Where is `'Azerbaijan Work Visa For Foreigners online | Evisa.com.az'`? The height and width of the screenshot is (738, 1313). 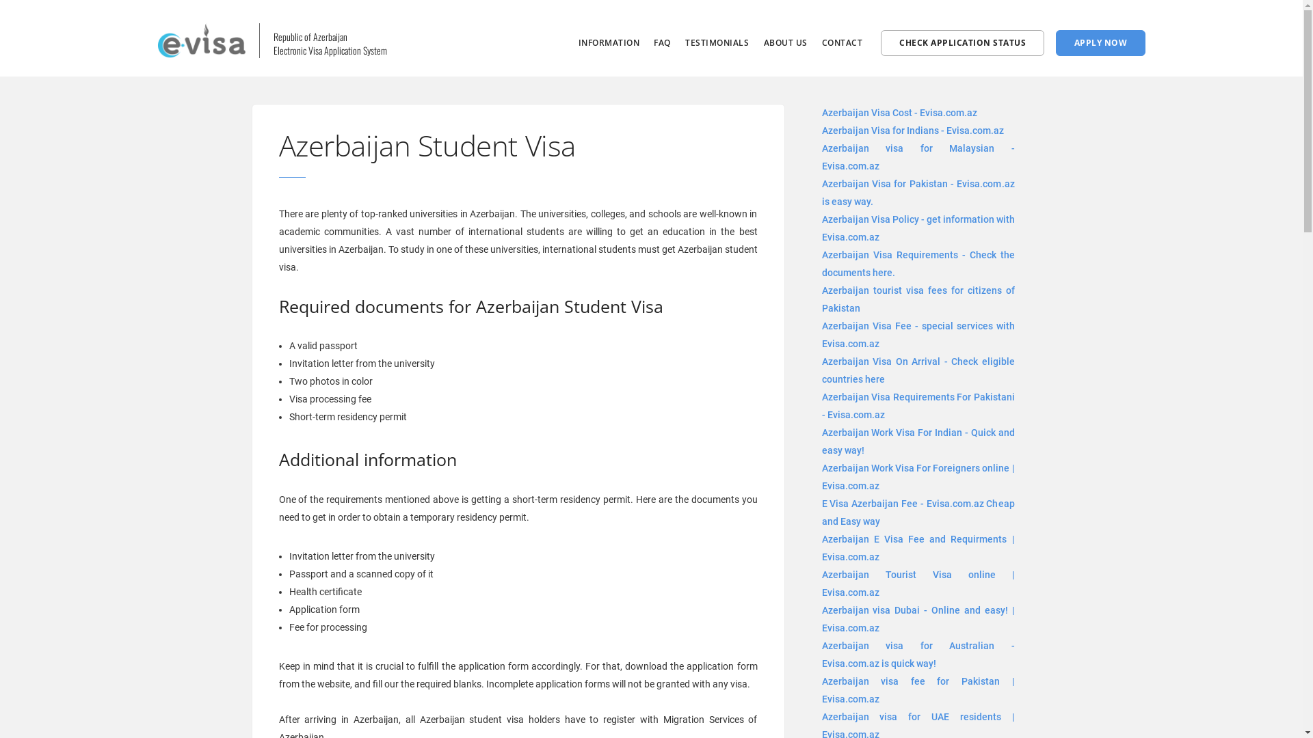
'Azerbaijan Work Visa For Foreigners online | Evisa.com.az' is located at coordinates (918, 476).